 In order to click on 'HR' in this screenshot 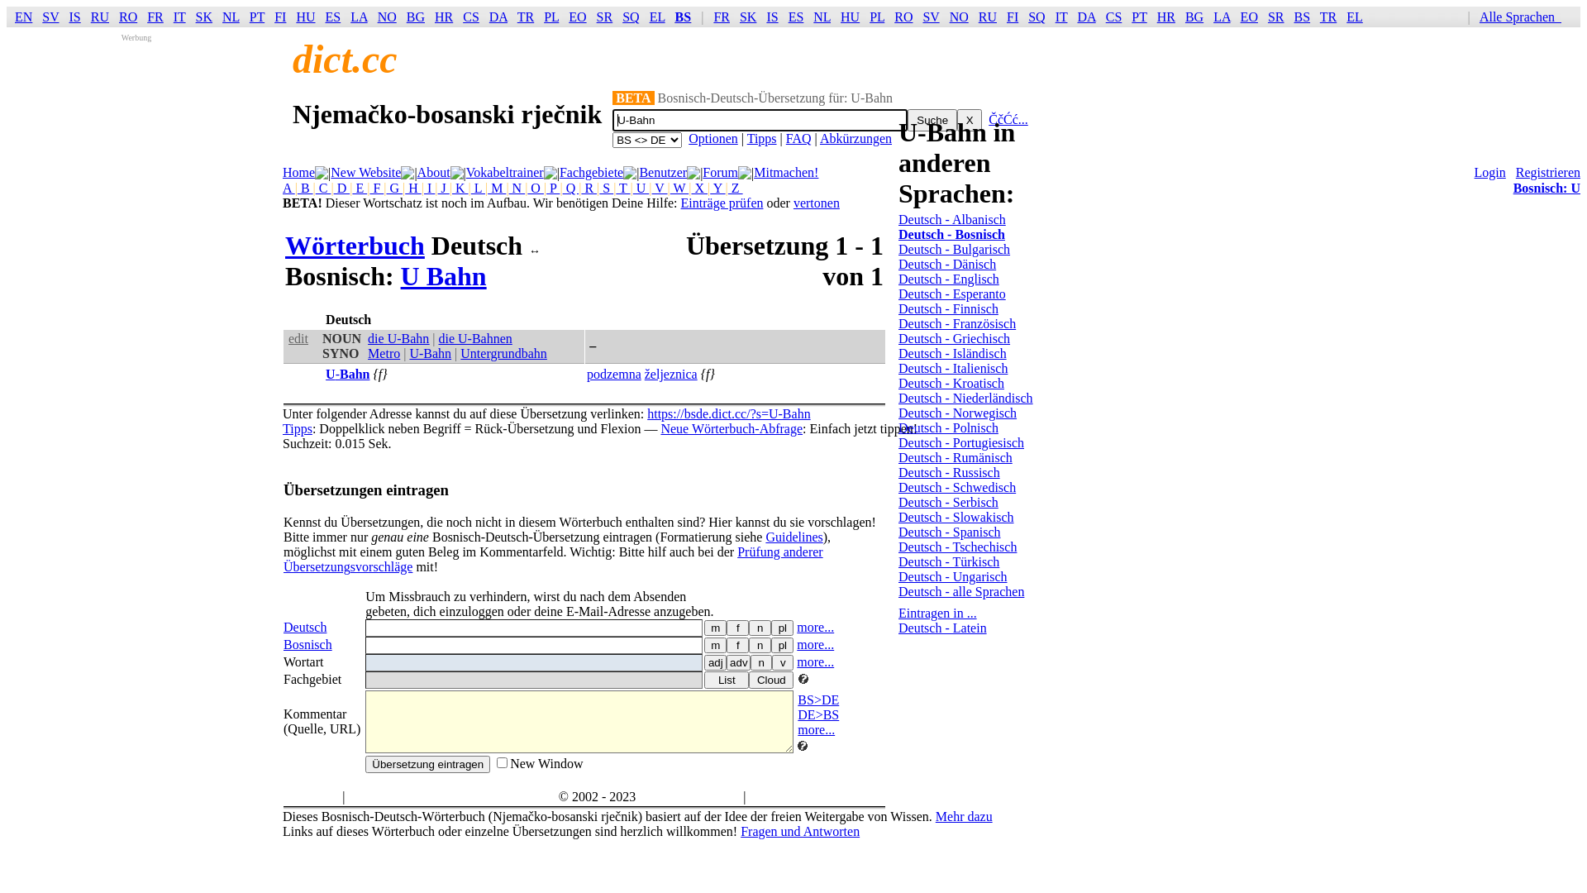, I will do `click(444, 17)`.